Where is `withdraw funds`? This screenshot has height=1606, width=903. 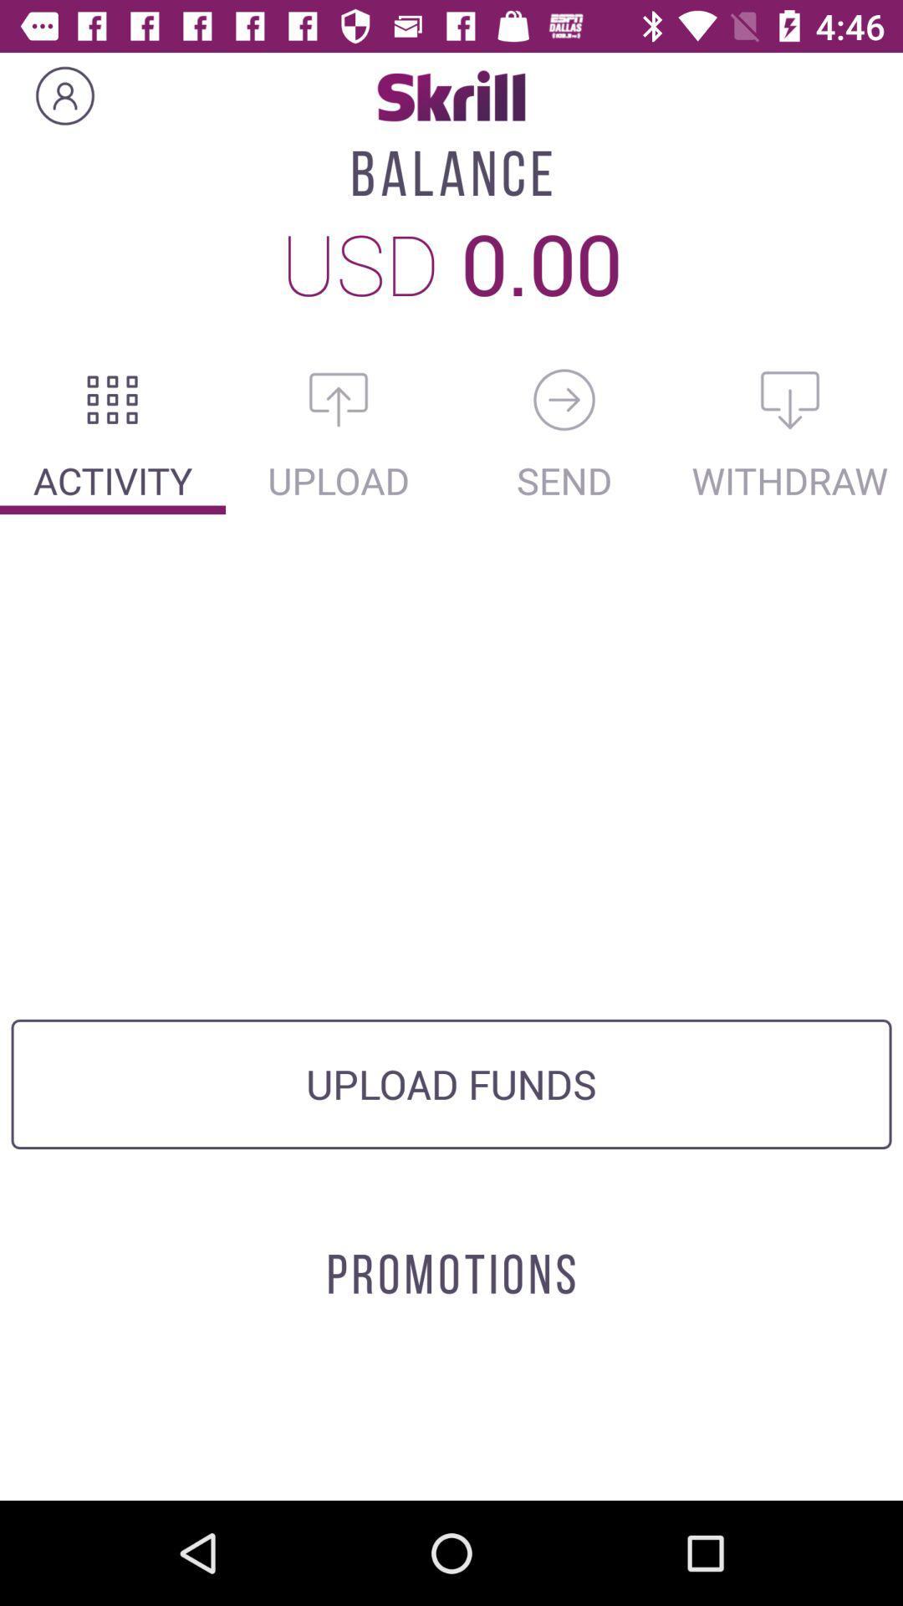
withdraw funds is located at coordinates (790, 399).